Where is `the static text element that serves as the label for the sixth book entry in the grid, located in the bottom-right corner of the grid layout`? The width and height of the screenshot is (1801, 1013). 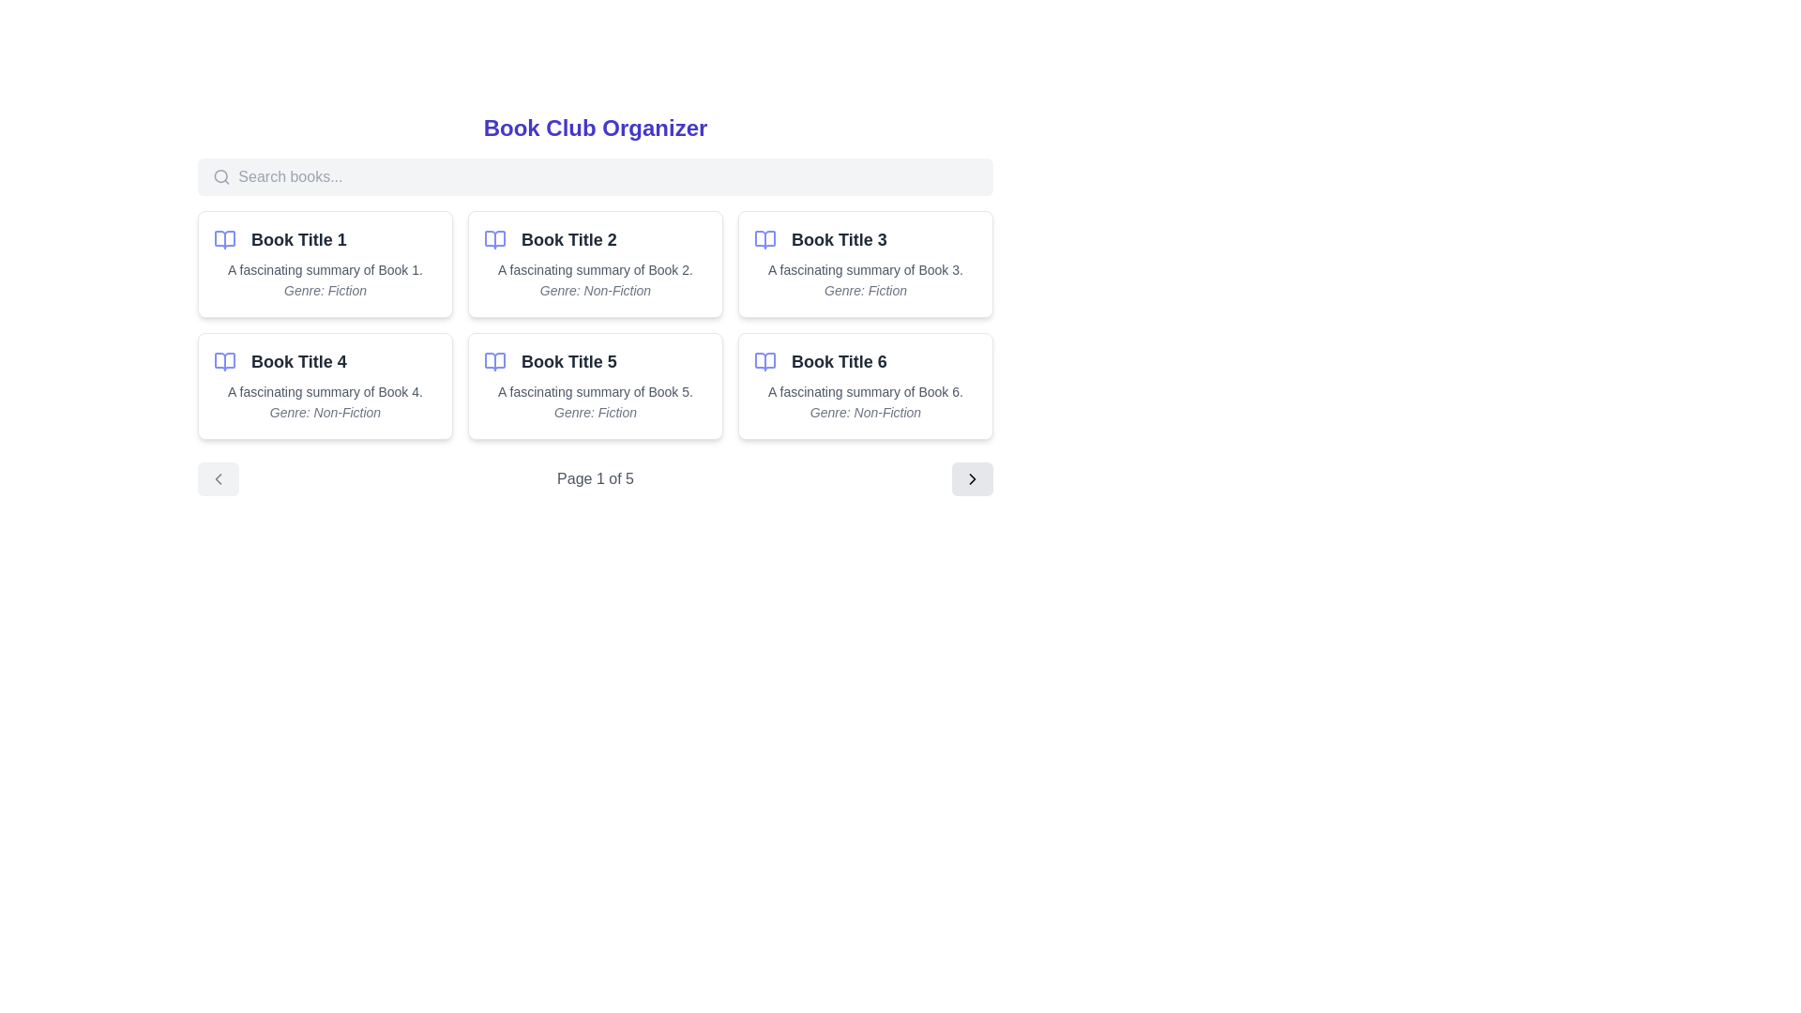
the static text element that serves as the label for the sixth book entry in the grid, located in the bottom-right corner of the grid layout is located at coordinates (838, 361).